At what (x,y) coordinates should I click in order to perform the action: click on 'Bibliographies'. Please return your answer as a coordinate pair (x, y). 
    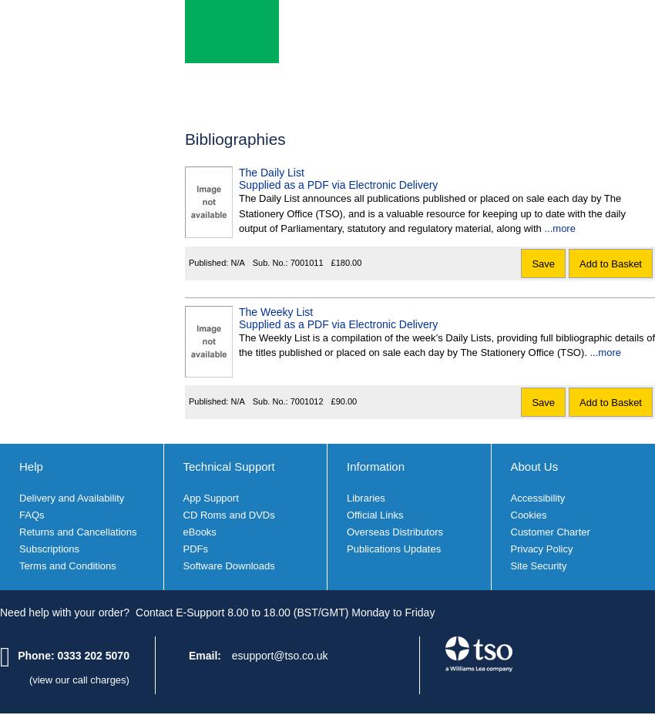
    Looking at the image, I should click on (234, 139).